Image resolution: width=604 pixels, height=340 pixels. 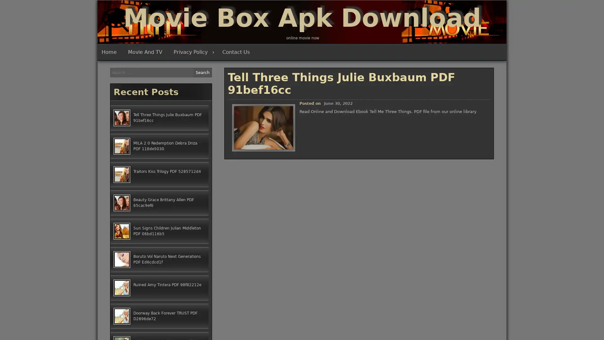 I want to click on Search, so click(x=202, y=72).